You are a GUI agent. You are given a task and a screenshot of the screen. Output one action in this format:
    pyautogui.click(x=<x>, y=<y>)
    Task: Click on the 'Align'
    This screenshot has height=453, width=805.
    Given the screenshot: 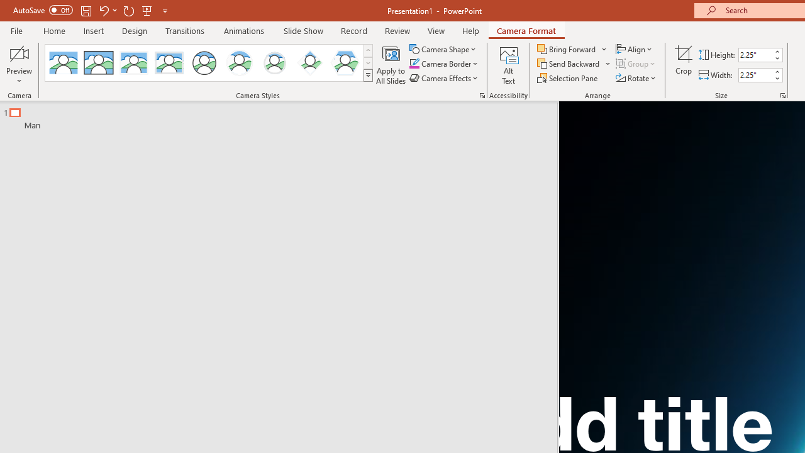 What is the action you would take?
    pyautogui.click(x=635, y=48)
    